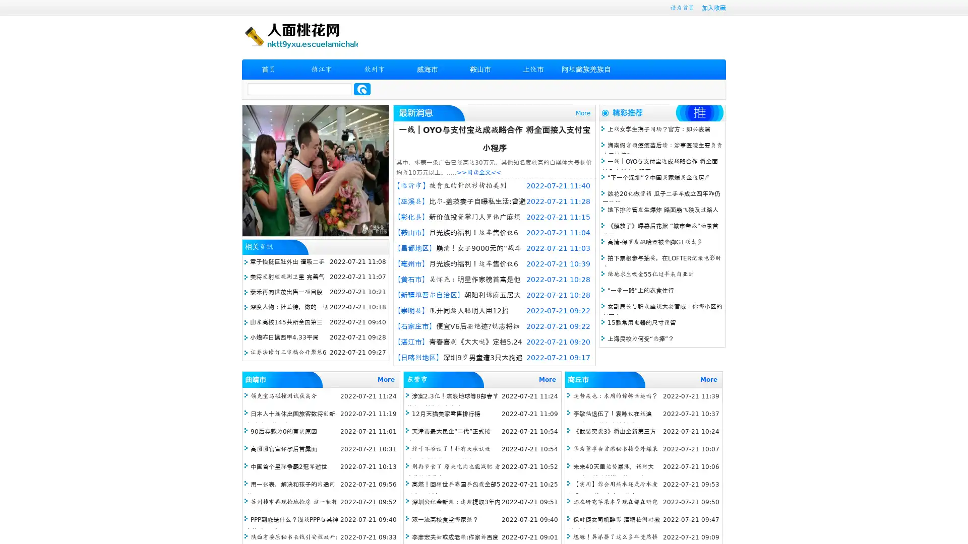 The width and height of the screenshot is (968, 544). Describe the element at coordinates (362, 89) in the screenshot. I see `Search` at that location.